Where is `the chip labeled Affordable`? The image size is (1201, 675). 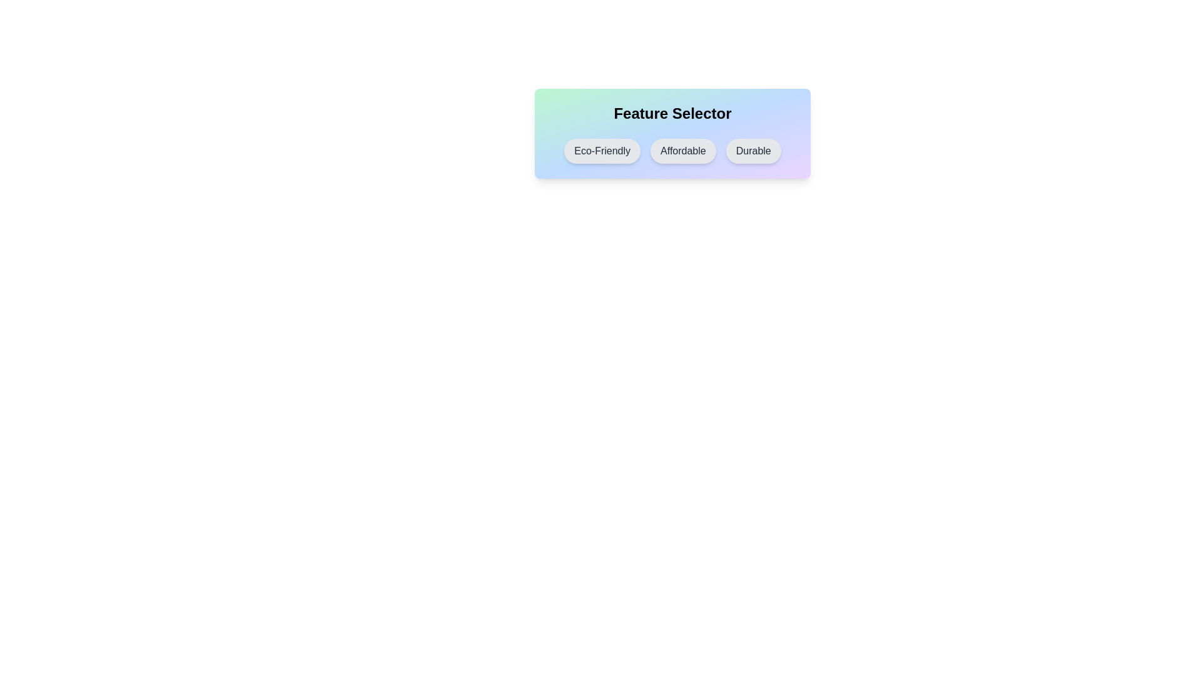 the chip labeled Affordable is located at coordinates (682, 151).